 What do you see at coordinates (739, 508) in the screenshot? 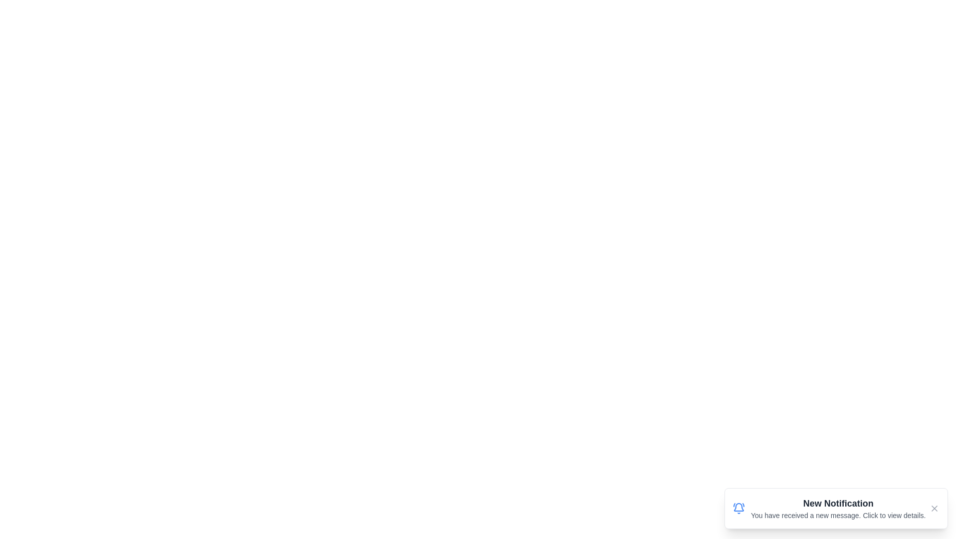
I see `the blue bell icon in the bottom-right corner of the page that symbolizes notifications, which is located within a small notification card and positioned beside the 'New Notification' text` at bounding box center [739, 508].